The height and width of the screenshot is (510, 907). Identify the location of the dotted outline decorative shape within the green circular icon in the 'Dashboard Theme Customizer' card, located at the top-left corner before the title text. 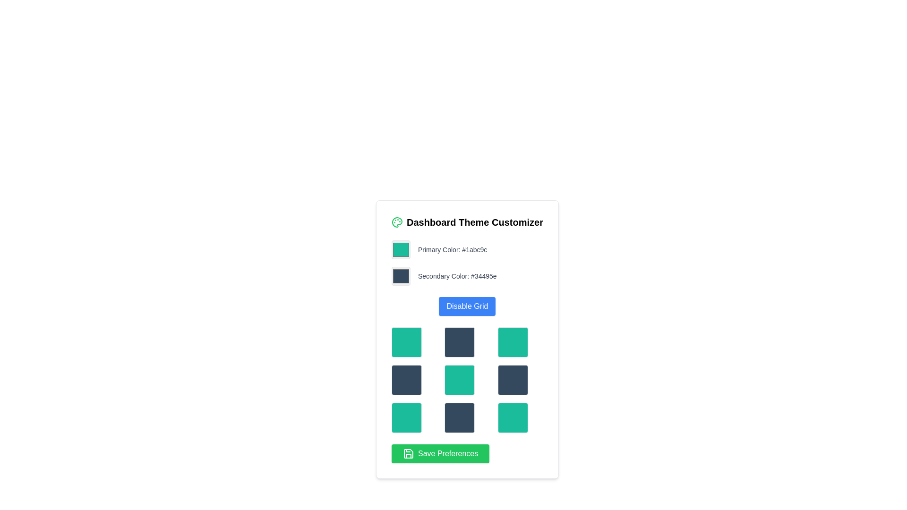
(397, 222).